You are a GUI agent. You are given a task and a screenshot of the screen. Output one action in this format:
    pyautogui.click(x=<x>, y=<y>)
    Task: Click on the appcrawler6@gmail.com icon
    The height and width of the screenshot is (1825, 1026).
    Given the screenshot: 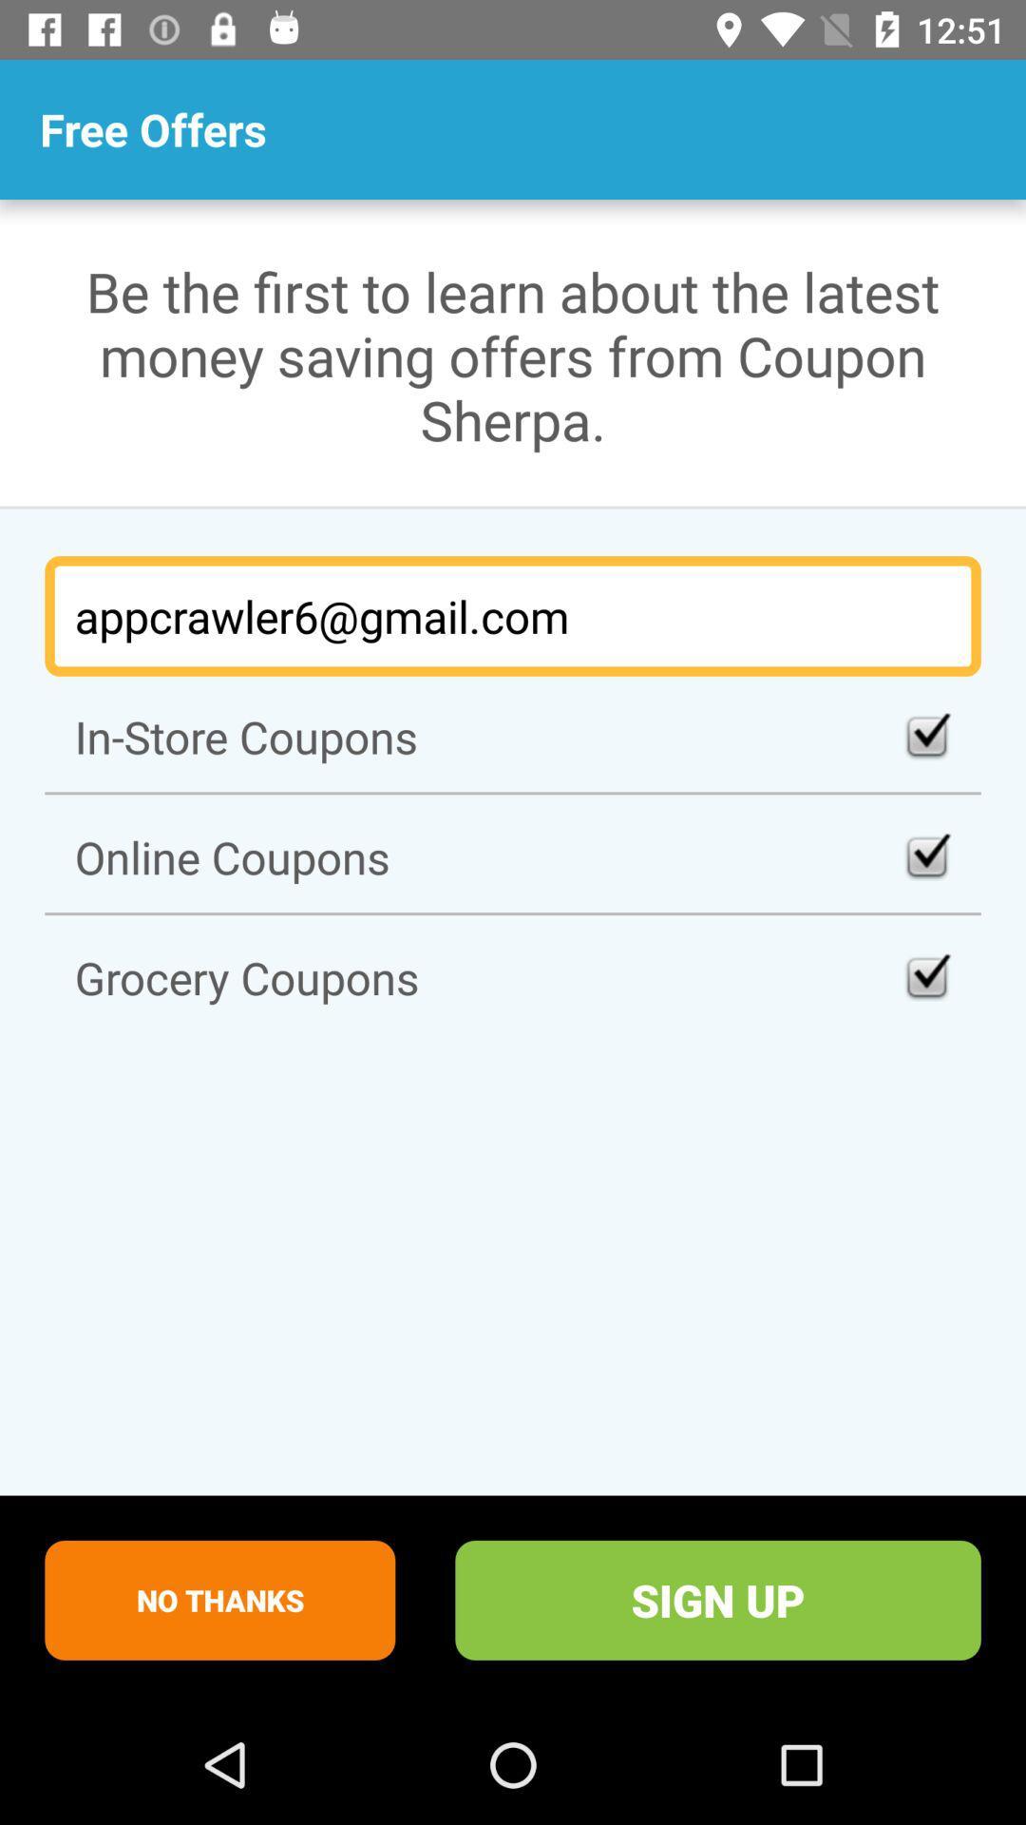 What is the action you would take?
    pyautogui.click(x=513, y=616)
    